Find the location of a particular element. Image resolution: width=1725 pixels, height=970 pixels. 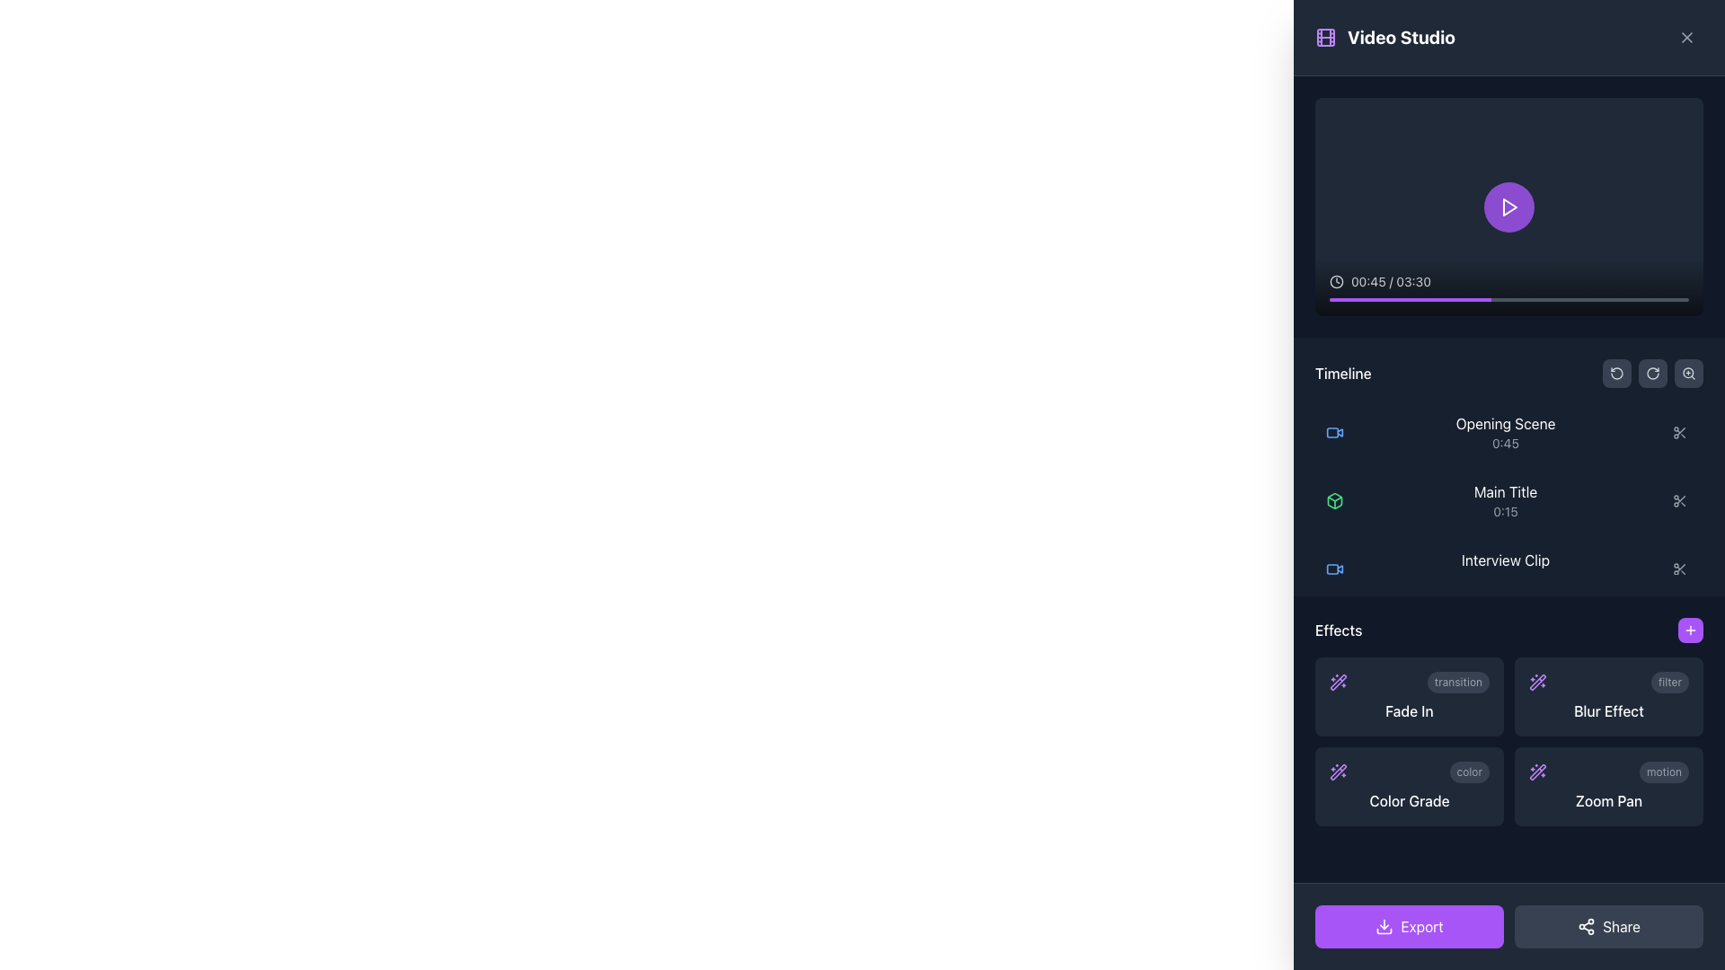

the text label displaying 'Effects', which is styled in white bold font and located in the lower right portion of the interface, near a button with a plus symbol is located at coordinates (1339, 630).